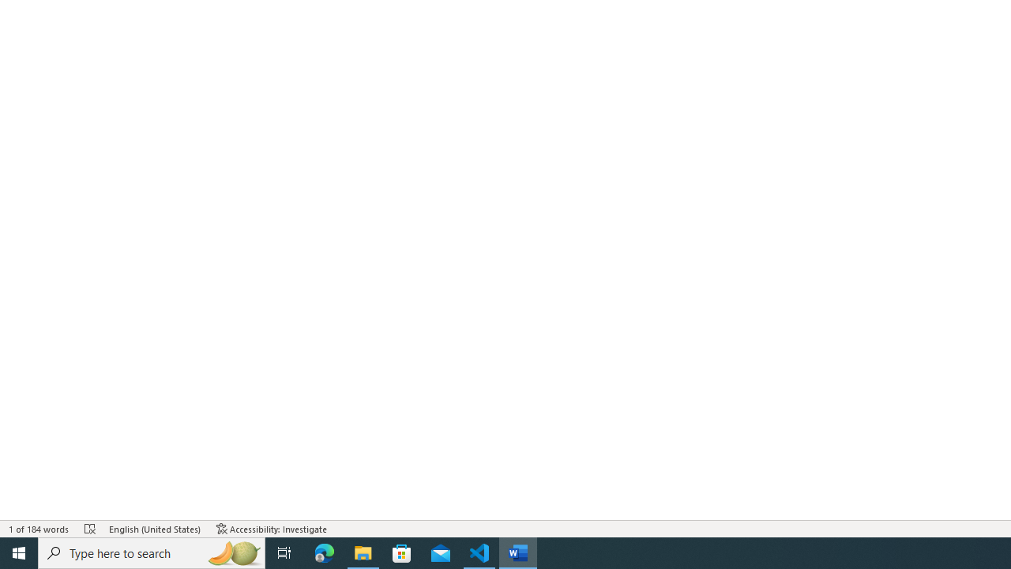  I want to click on 'Spelling and Grammar Check Errors', so click(89, 529).